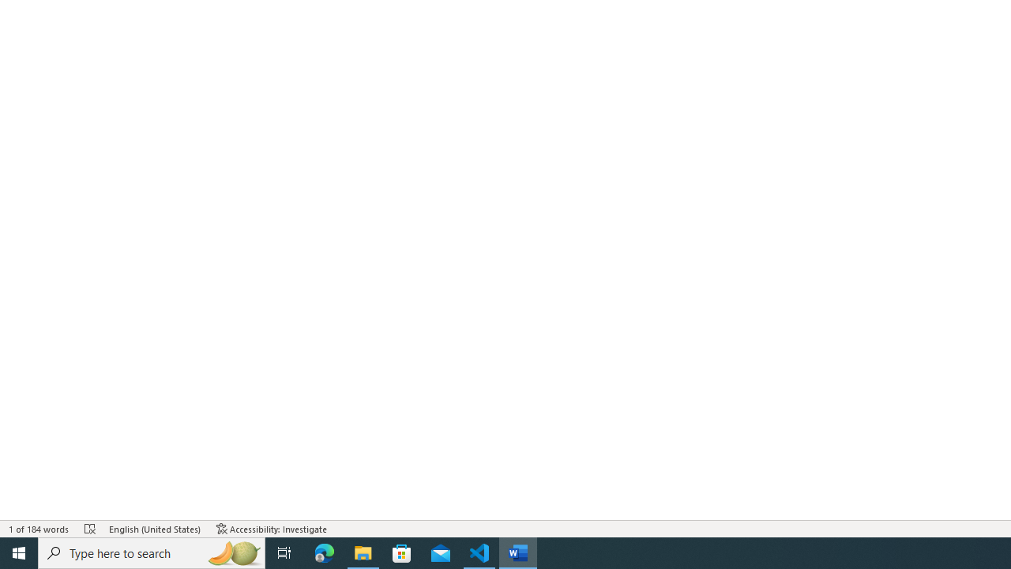  I want to click on 'Spelling and Grammar Check Errors', so click(89, 529).